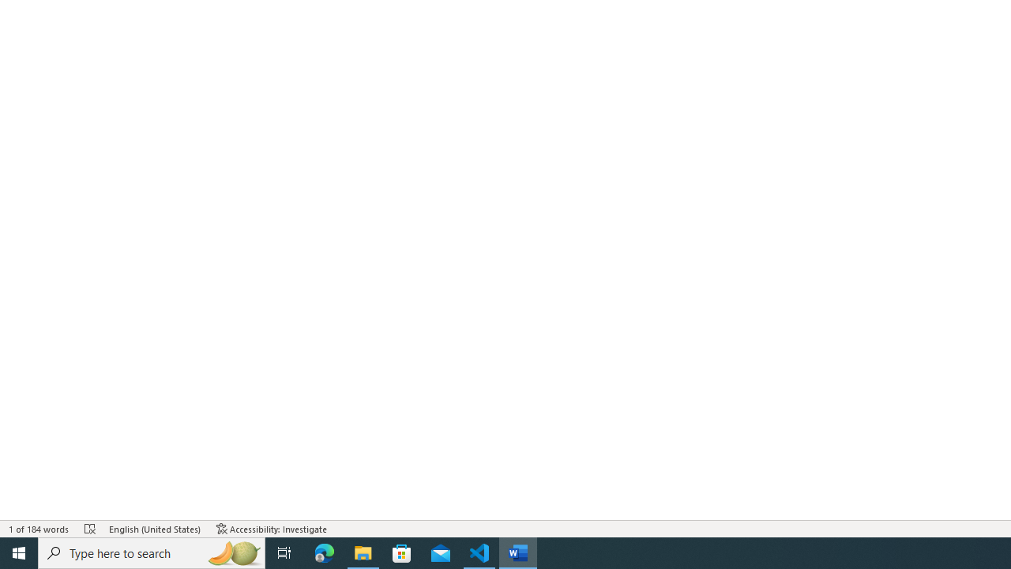  I want to click on 'Spelling and Grammar Check Errors', so click(89, 529).